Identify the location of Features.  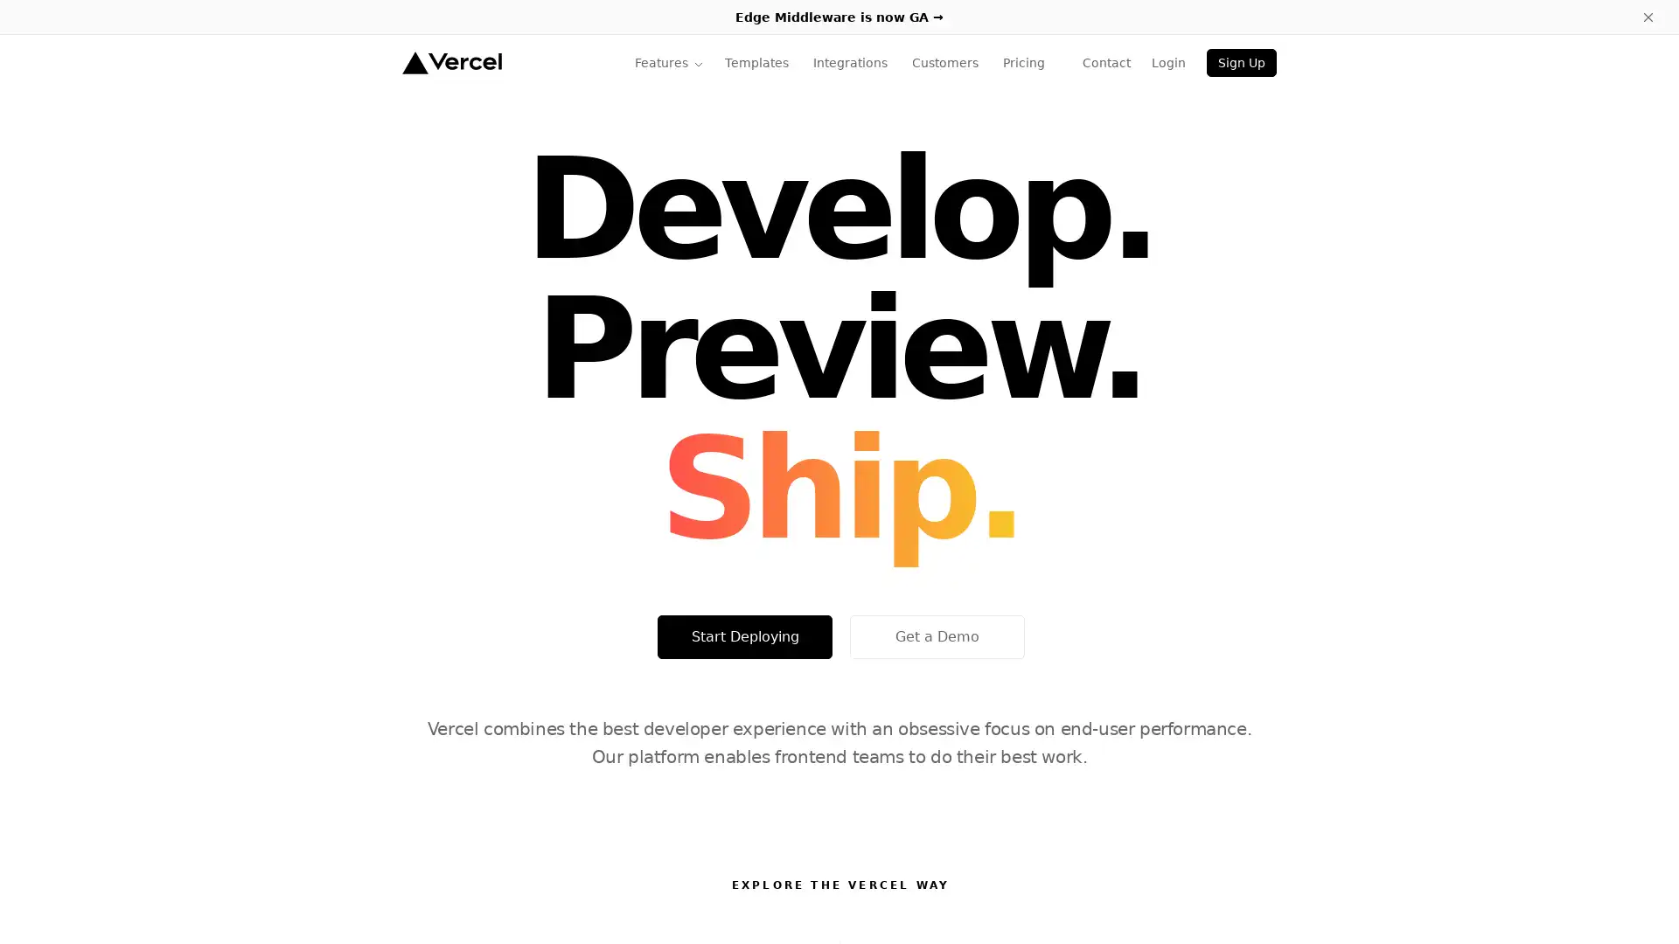
(668, 62).